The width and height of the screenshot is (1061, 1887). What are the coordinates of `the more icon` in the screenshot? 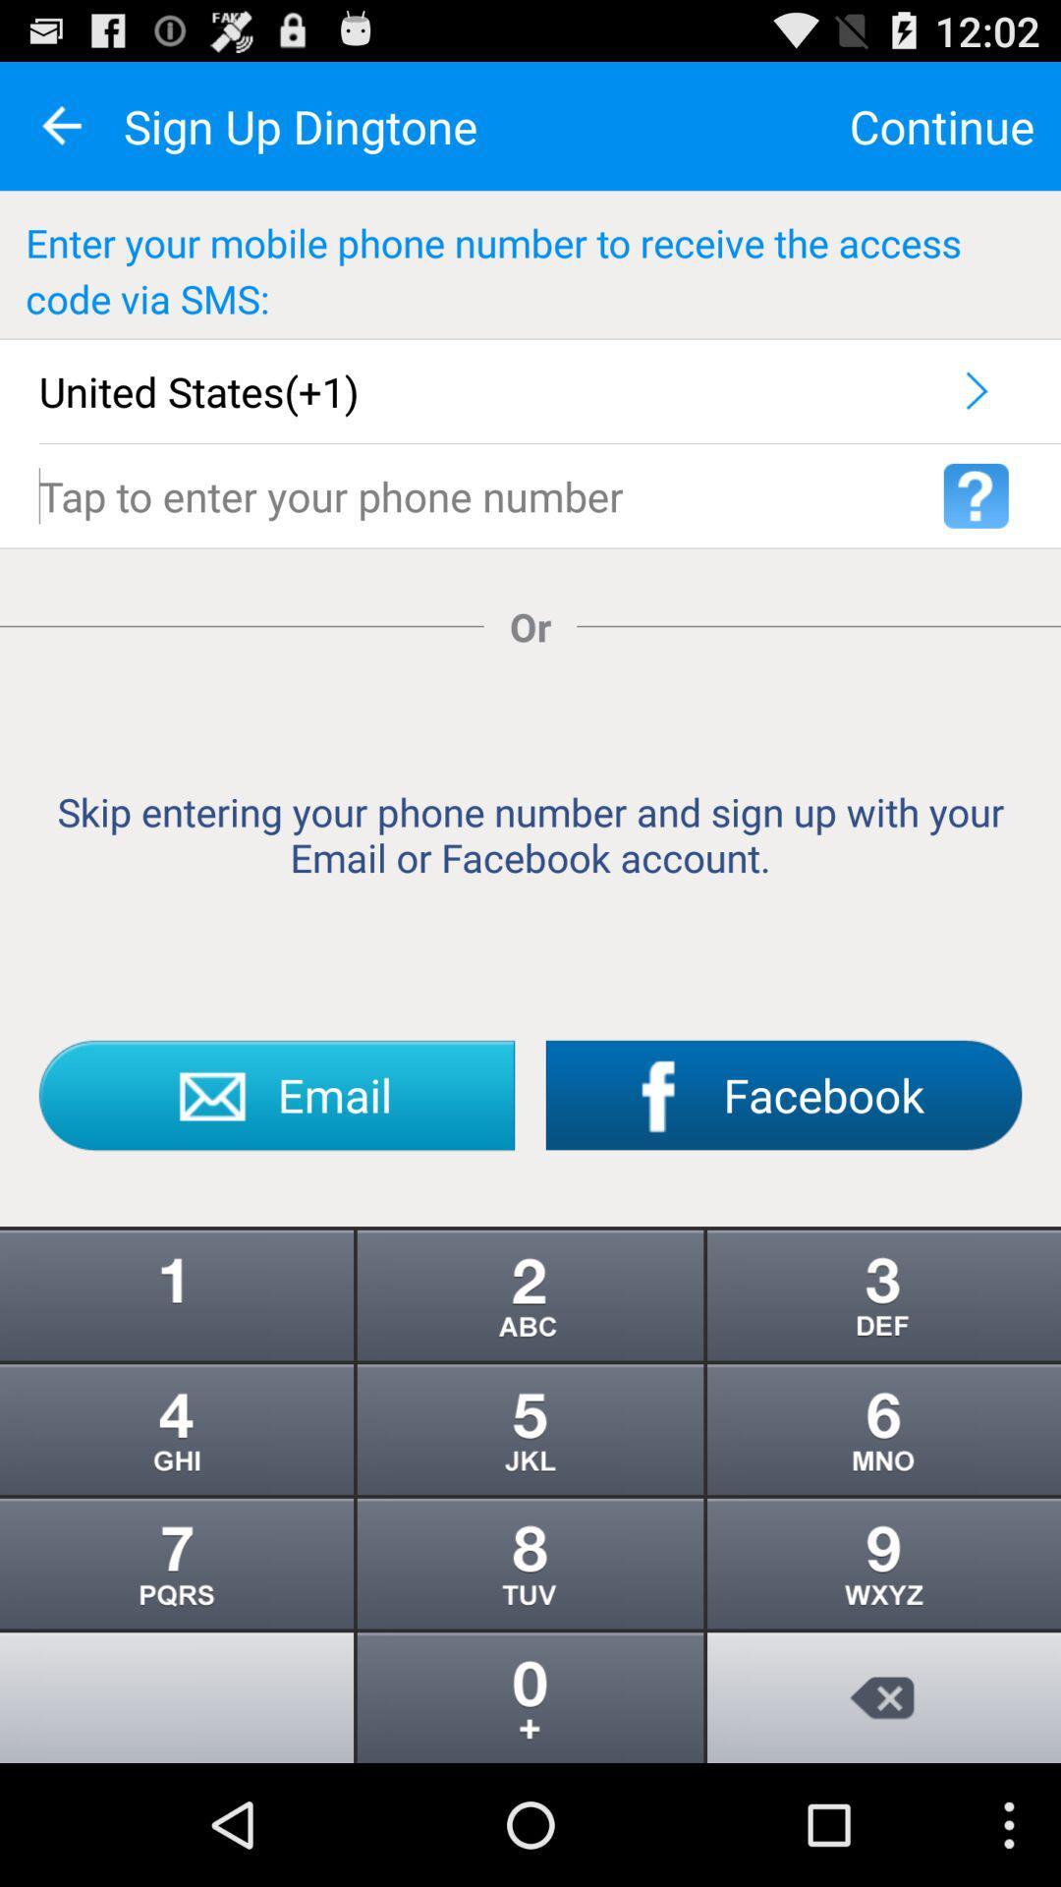 It's located at (882, 1385).